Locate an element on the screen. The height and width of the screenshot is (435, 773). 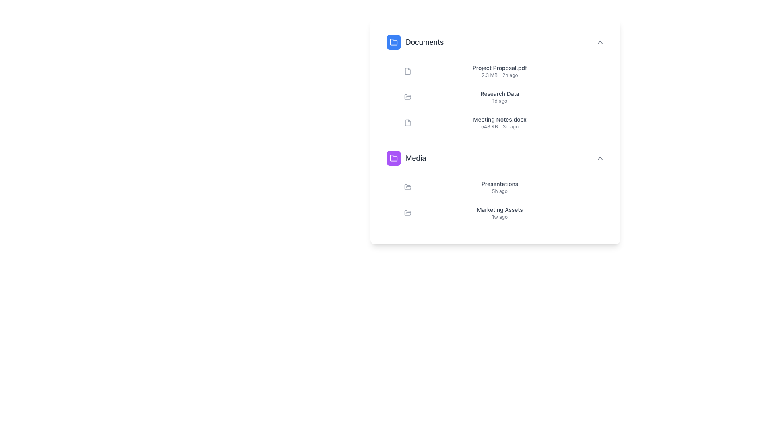
the 'Documents' folder icon located in the top-left corner of the 'Documents' section is located at coordinates (394, 42).